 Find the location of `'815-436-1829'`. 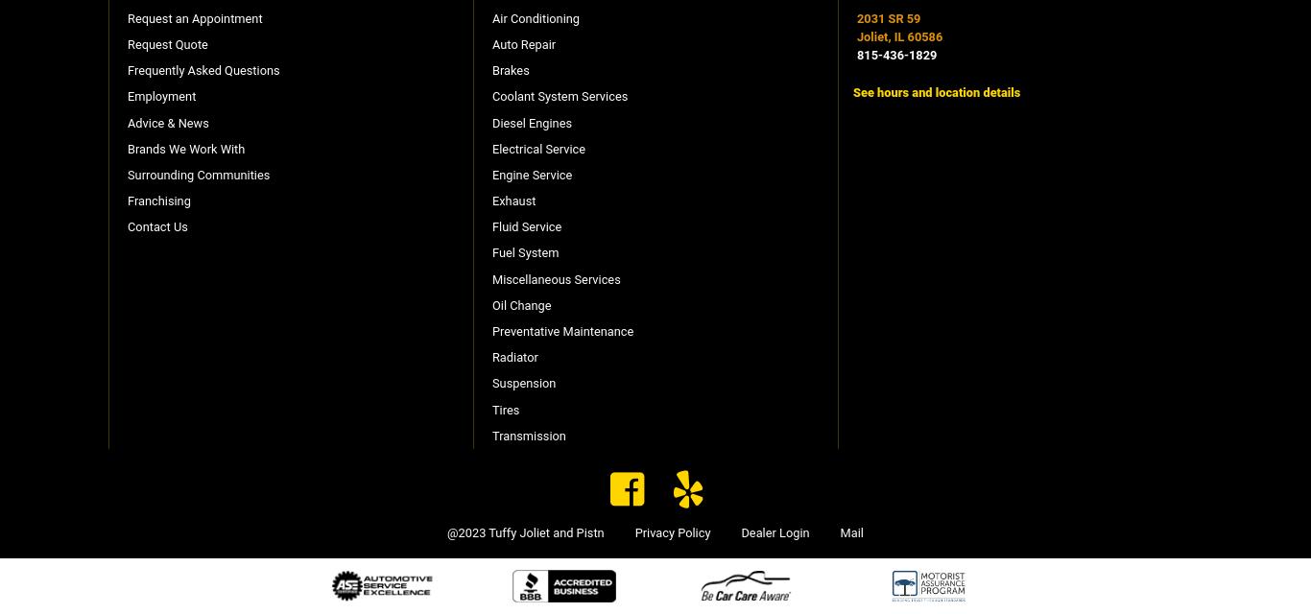

'815-436-1829' is located at coordinates (854, 55).